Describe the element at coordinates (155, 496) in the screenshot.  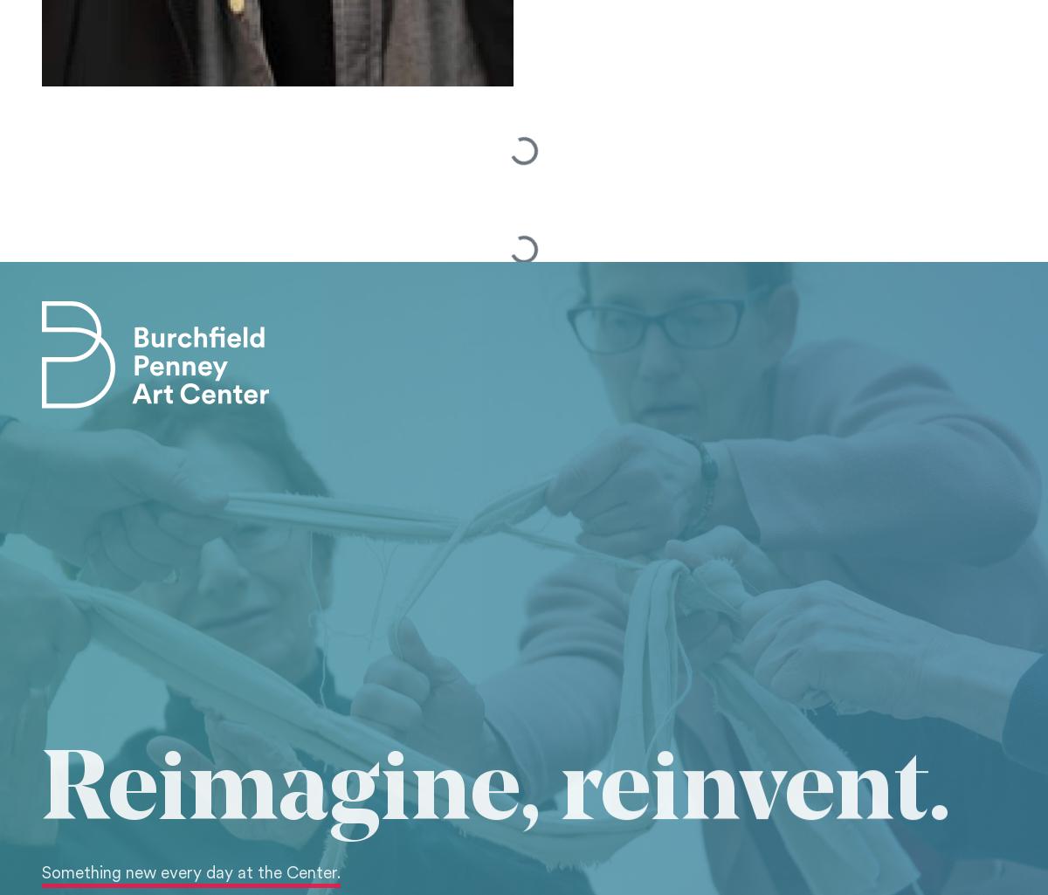
I see `'© 2023 Burchfield Penney Art Center'` at that location.